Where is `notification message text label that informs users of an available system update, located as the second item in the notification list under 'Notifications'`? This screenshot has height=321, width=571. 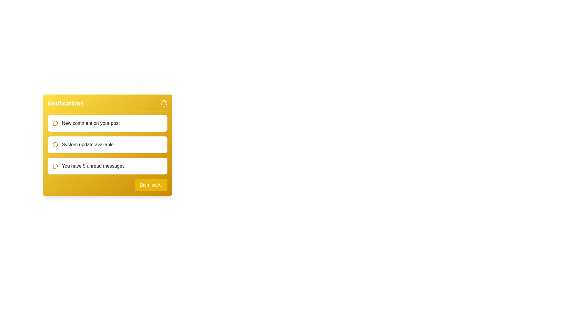
notification message text label that informs users of an available system update, located as the second item in the notification list under 'Notifications' is located at coordinates (87, 144).